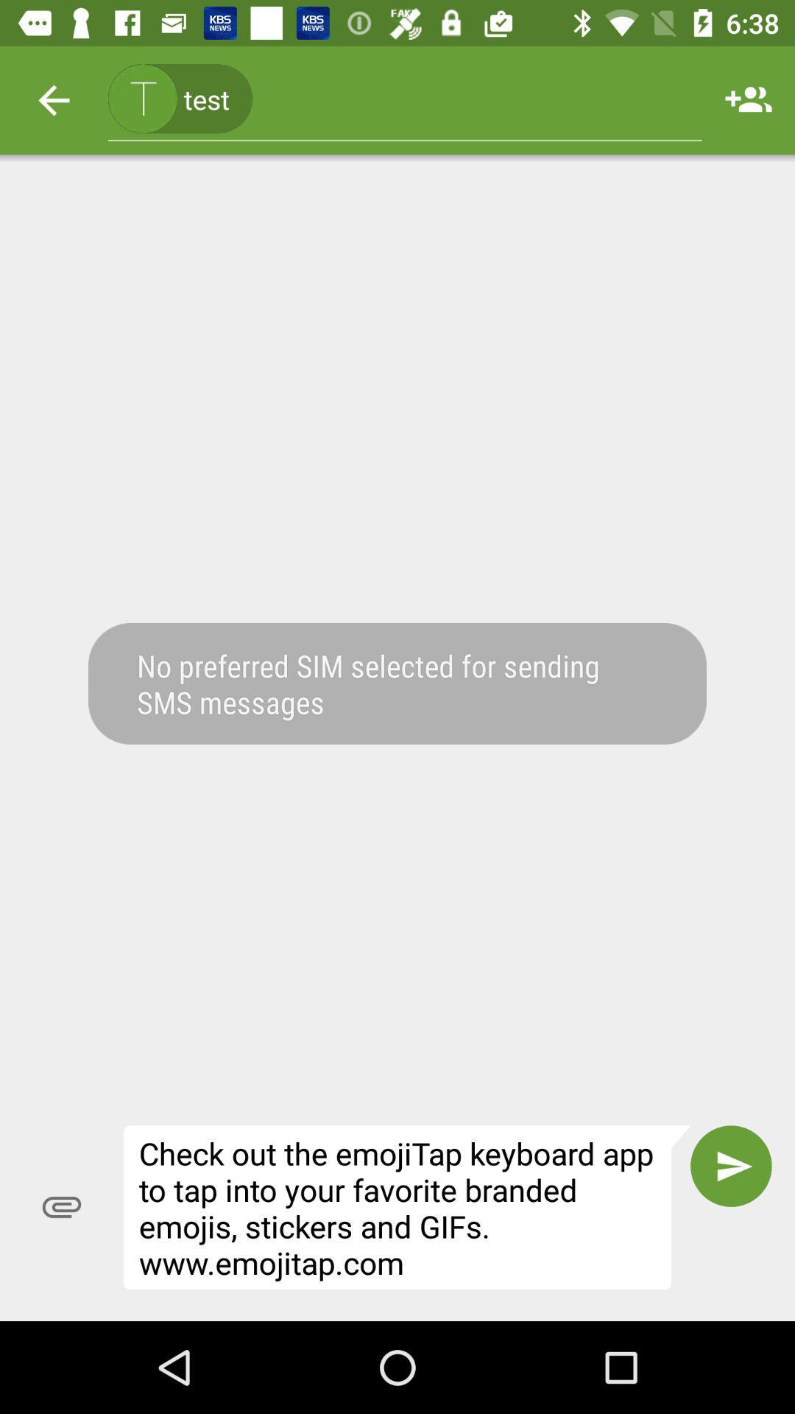 Image resolution: width=795 pixels, height=1414 pixels. I want to click on the item next to (415) 123-4567,  icon, so click(749, 99).